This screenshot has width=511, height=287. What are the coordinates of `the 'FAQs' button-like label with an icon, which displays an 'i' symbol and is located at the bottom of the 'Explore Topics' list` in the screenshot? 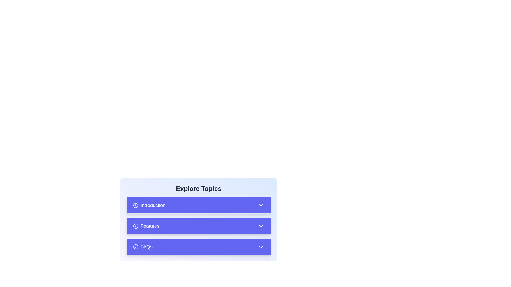 It's located at (143, 247).